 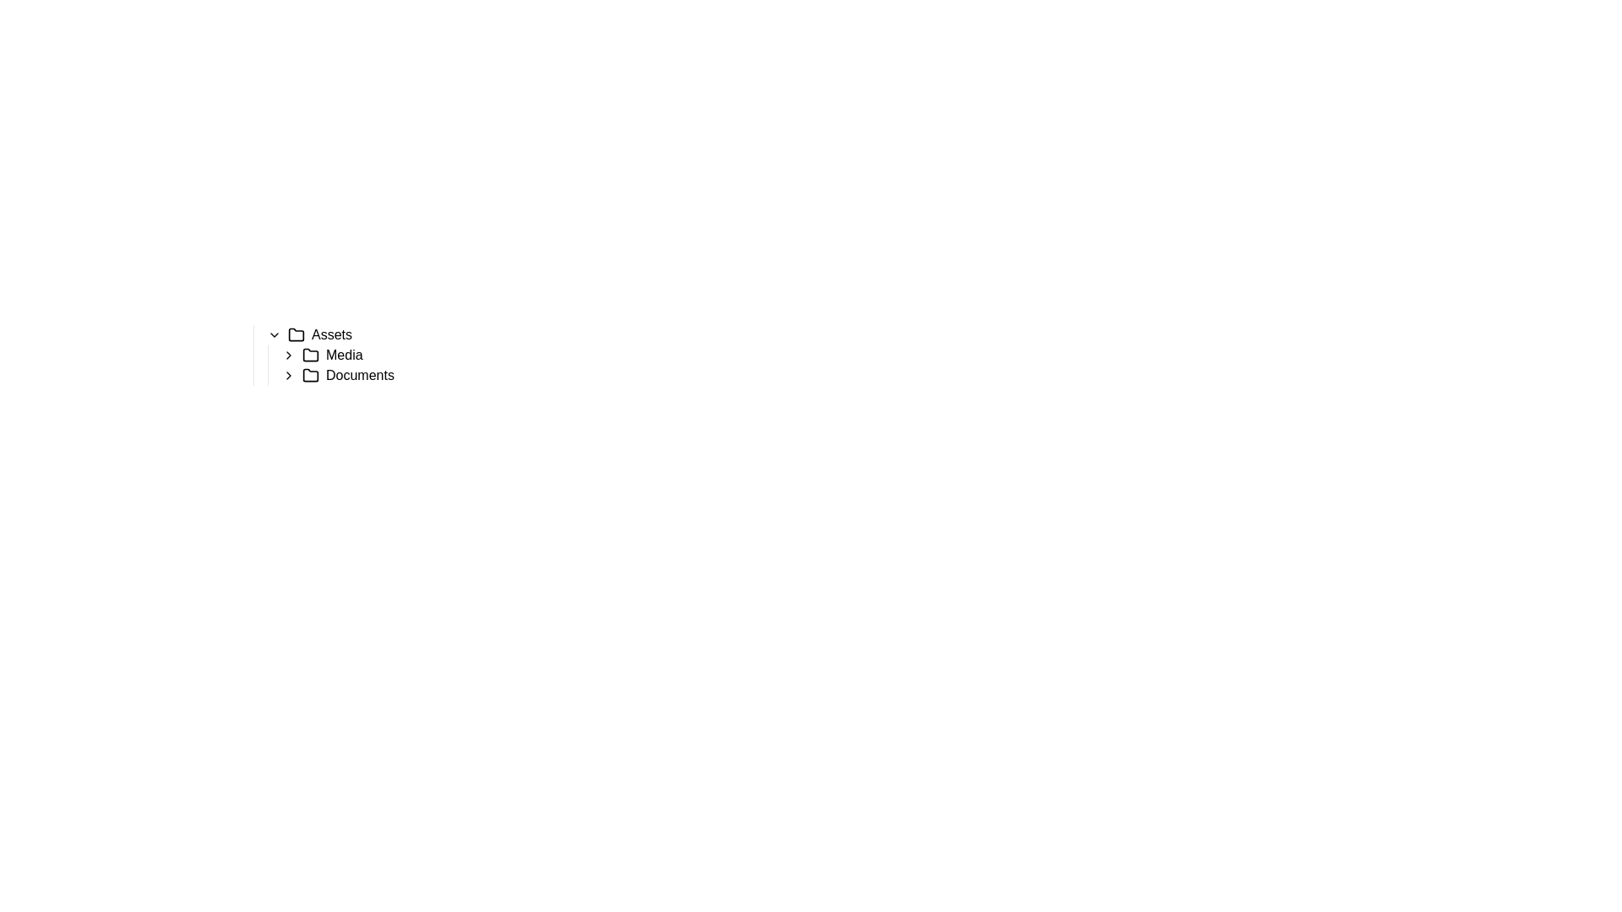 I want to click on the right-pointing chevron icon located to the left of the 'Documents' label, so click(x=288, y=374).